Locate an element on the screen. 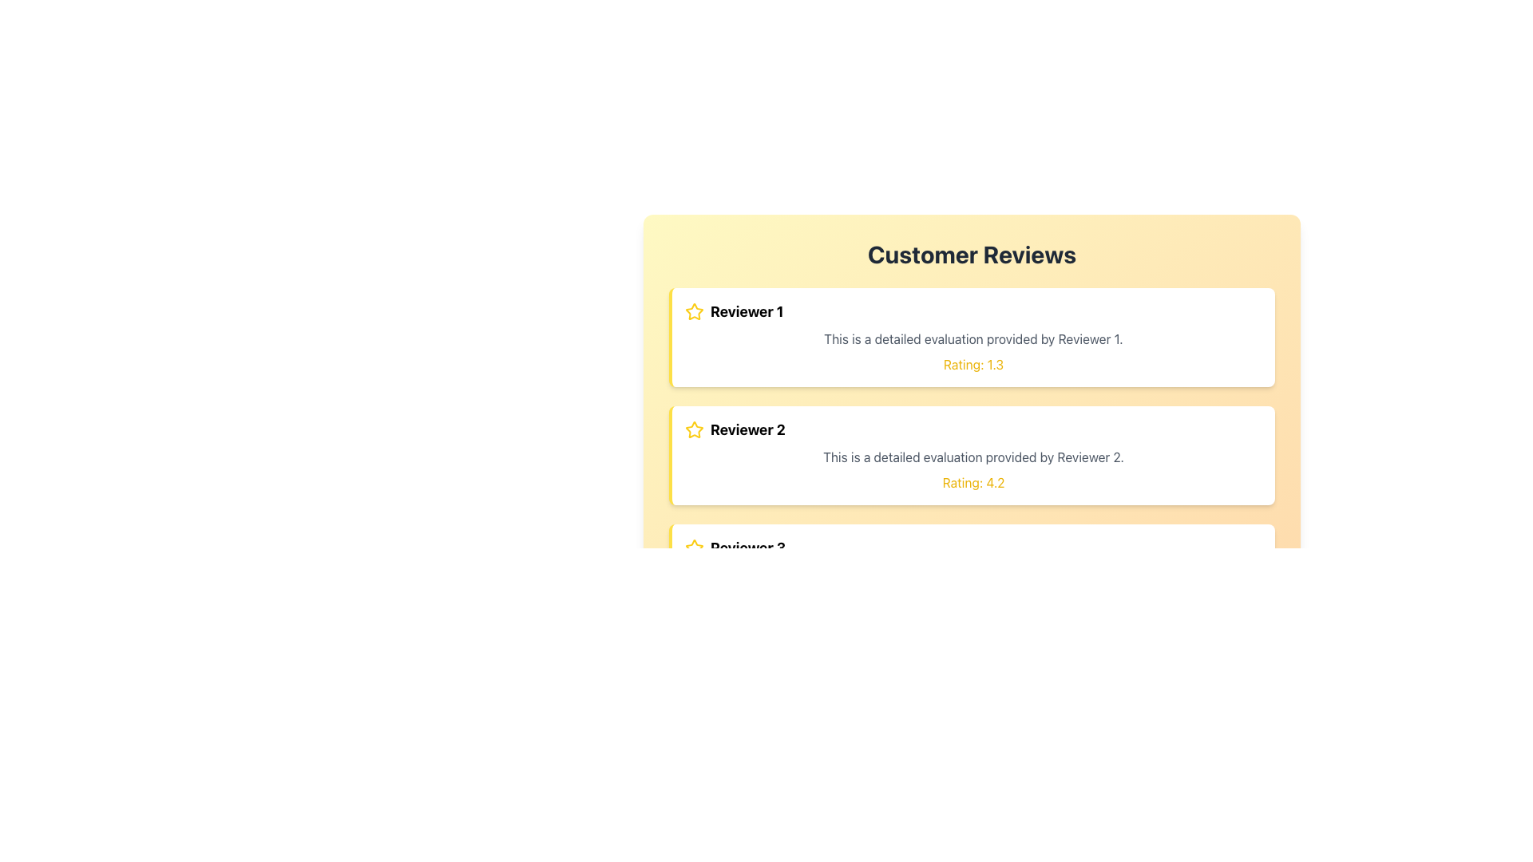 This screenshot has height=862, width=1533. the 'Reviewer 1' text label, which serves as the header for the review card and is located next to a yellow star icon in the top-left section of the first reviewer card is located at coordinates (746, 311).